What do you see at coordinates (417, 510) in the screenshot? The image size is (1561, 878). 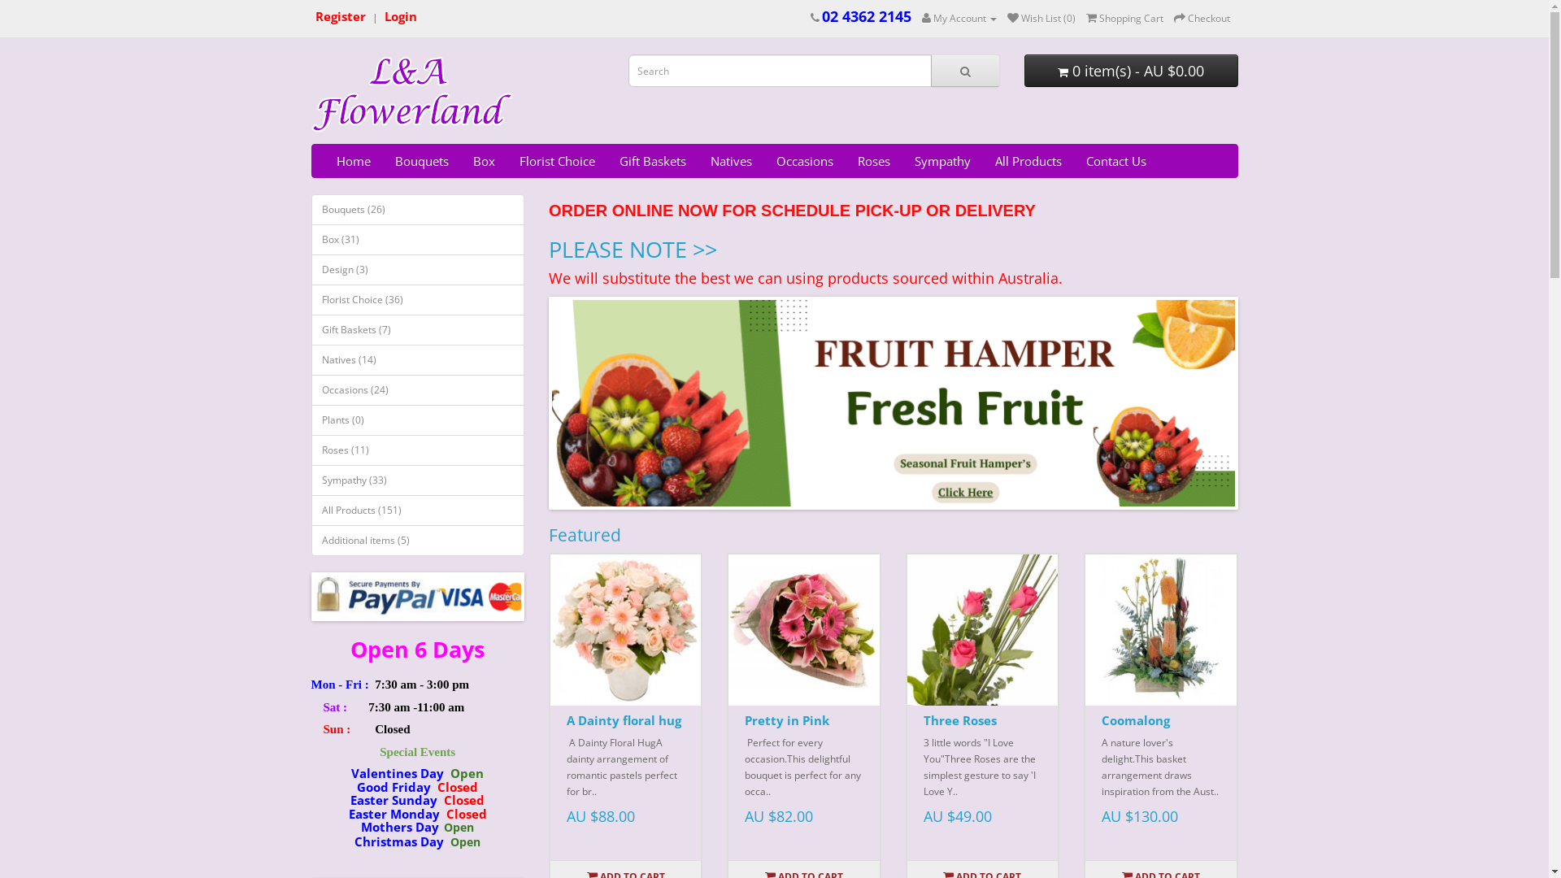 I see `'All Products (151)'` at bounding box center [417, 510].